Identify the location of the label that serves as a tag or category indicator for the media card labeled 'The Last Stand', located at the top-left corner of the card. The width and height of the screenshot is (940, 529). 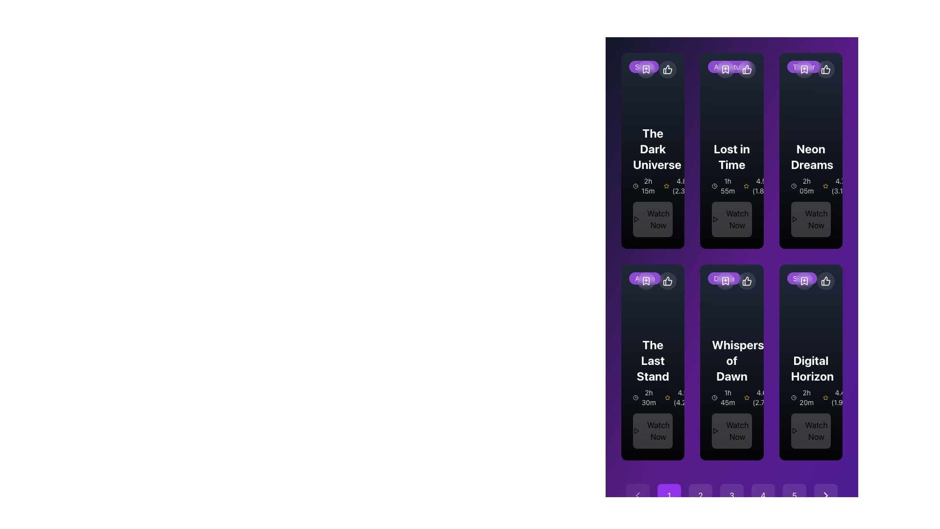
(645, 278).